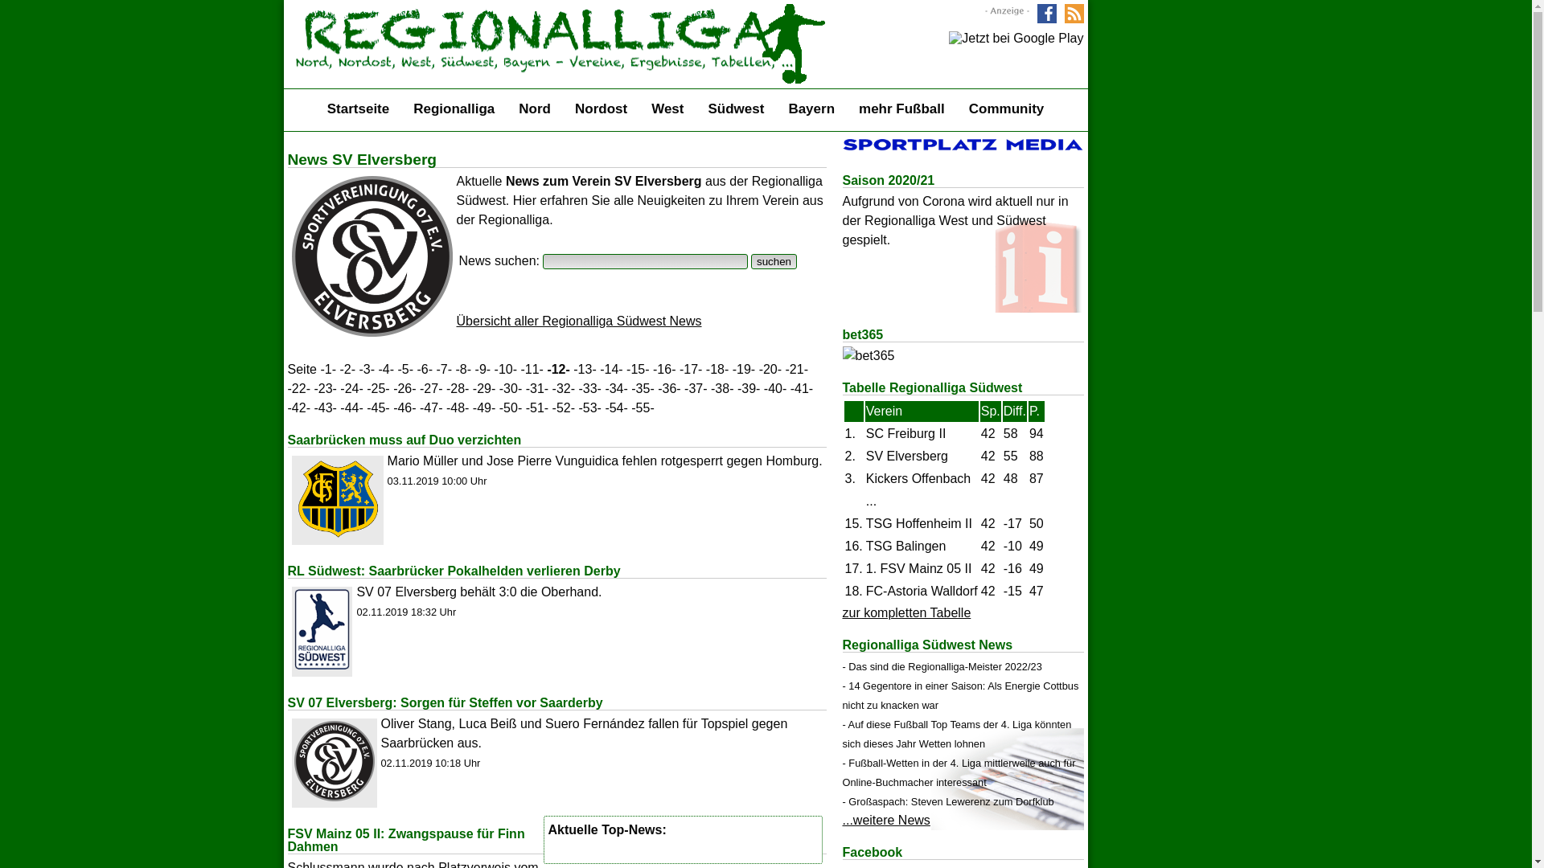 This screenshot has width=1544, height=868. I want to click on '-38-', so click(721, 388).